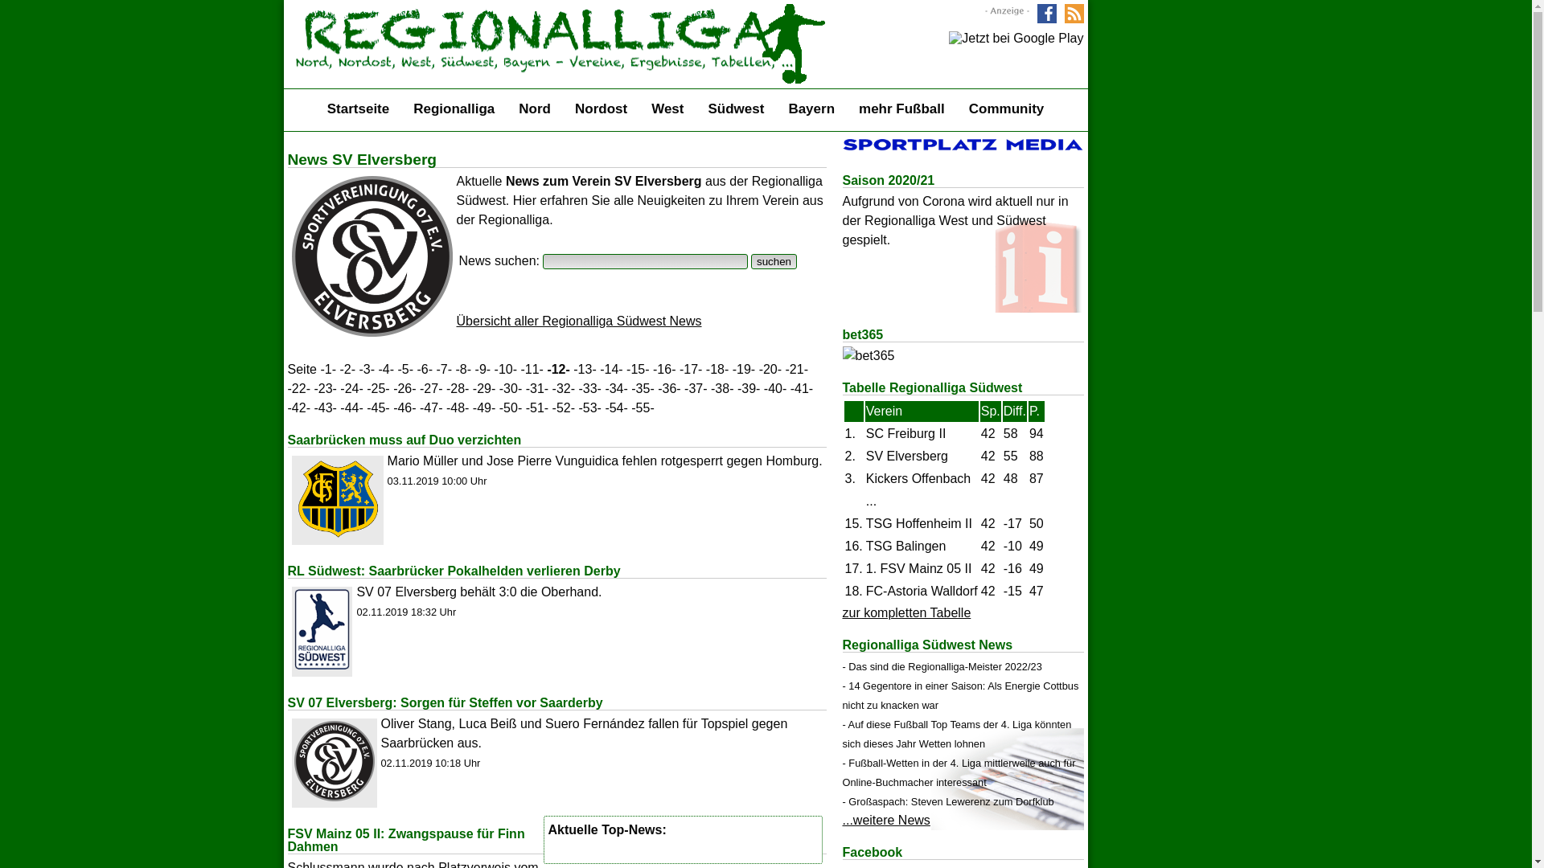 This screenshot has width=1544, height=868. I want to click on '-38-', so click(721, 388).